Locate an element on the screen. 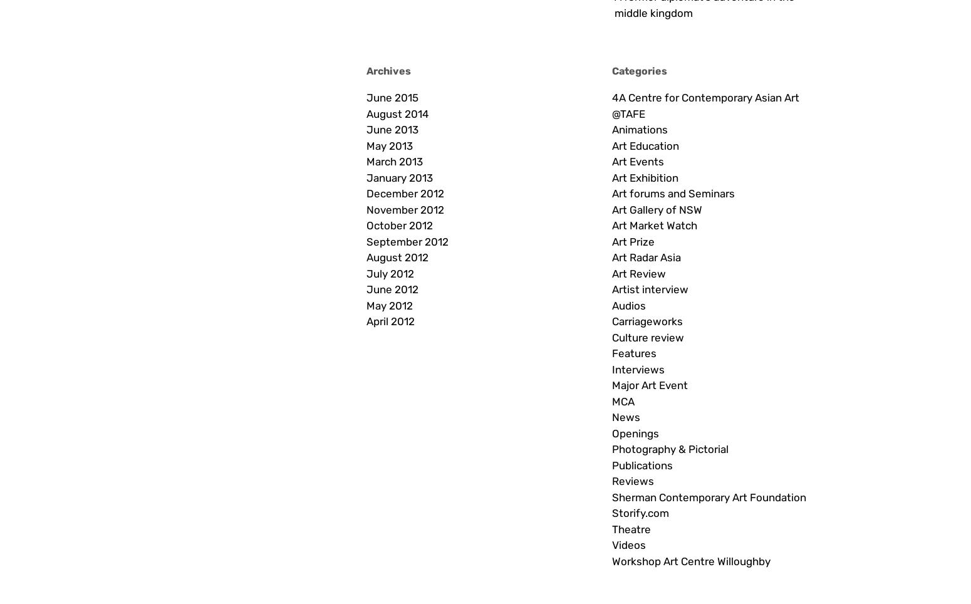  'Art Events' is located at coordinates (638, 160).